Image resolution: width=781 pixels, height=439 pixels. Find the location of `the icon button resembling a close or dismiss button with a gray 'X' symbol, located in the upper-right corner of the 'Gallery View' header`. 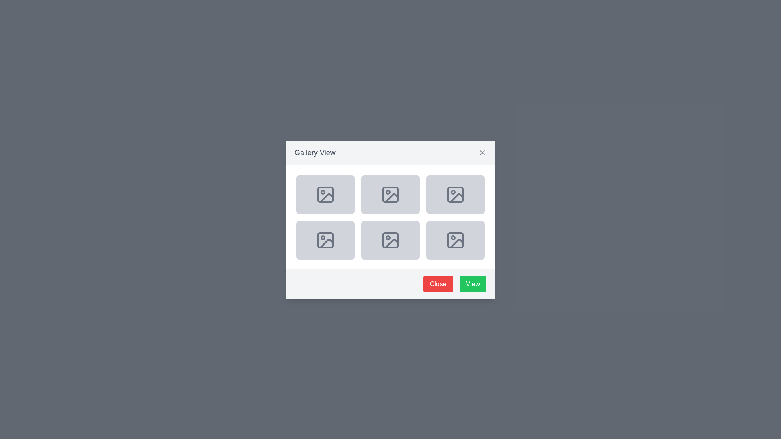

the icon button resembling a close or dismiss button with a gray 'X' symbol, located in the upper-right corner of the 'Gallery View' header is located at coordinates (482, 152).